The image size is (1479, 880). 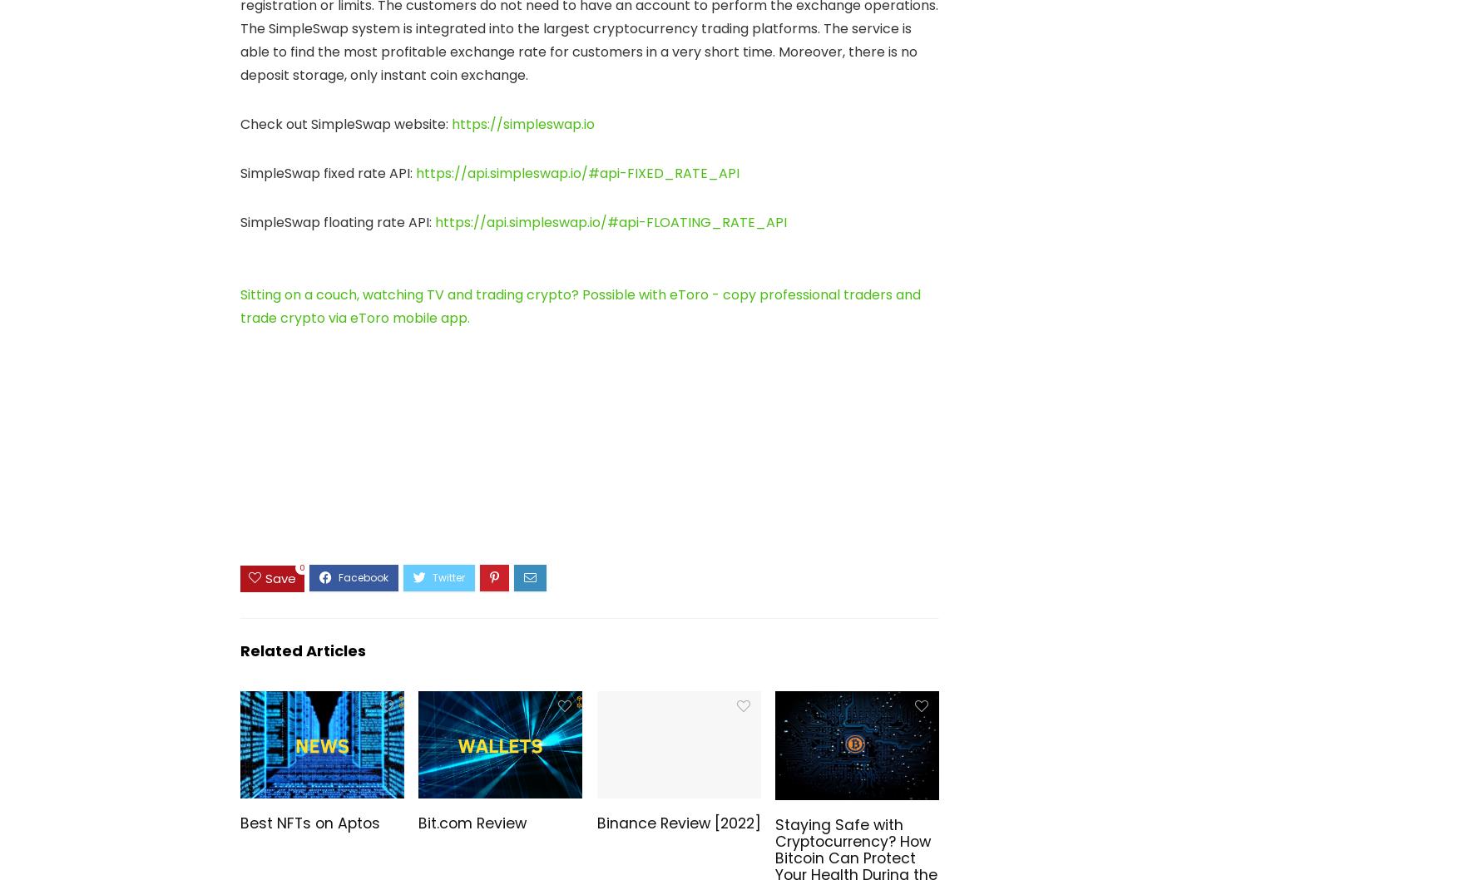 I want to click on 'Sitting on a couch, watching TV and trading crypto? Possible with eToro - copy professional traders and trade crypto via eToro mobile app.', so click(x=581, y=306).